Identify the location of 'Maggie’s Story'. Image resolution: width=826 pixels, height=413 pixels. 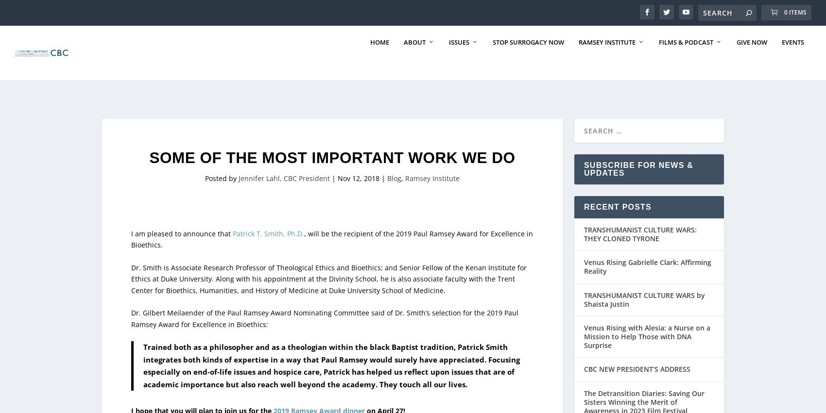
(663, 340).